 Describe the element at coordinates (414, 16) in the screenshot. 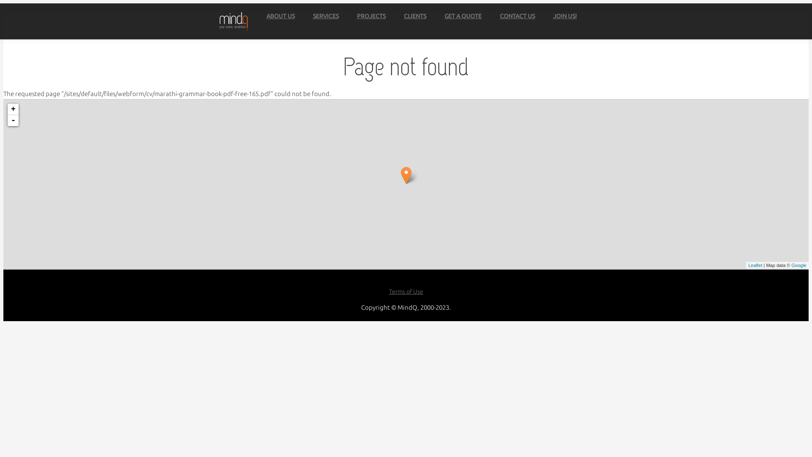

I see `'CLIENTS'` at that location.